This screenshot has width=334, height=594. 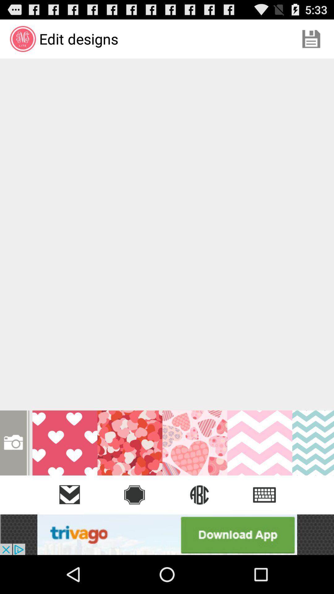 What do you see at coordinates (199, 494) in the screenshot?
I see `the globe icon` at bounding box center [199, 494].